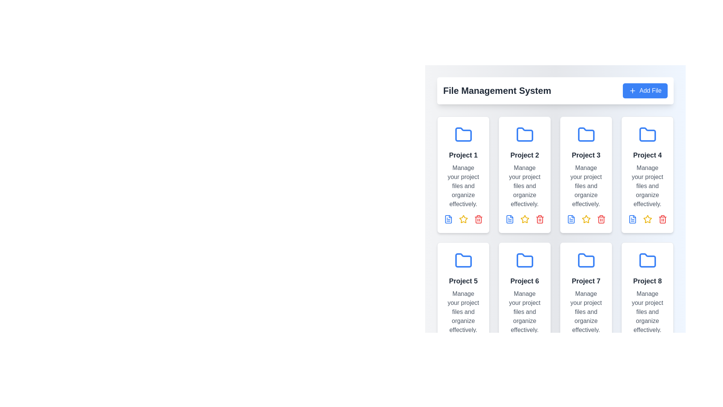  I want to click on the text block that contains the content 'Manage your project files and organize effectively,' which is styled in gray and located below the heading 'Project 5.', so click(463, 312).